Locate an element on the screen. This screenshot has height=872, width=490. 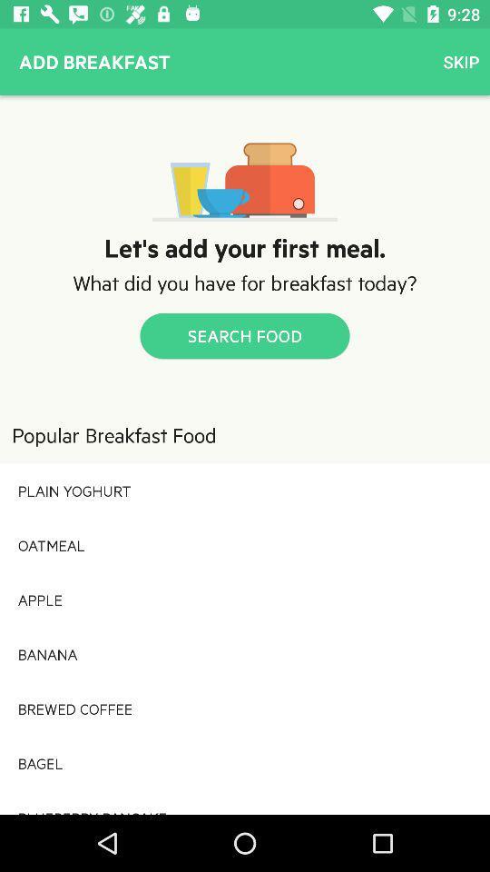
icon above the let s add item is located at coordinates (461, 62).